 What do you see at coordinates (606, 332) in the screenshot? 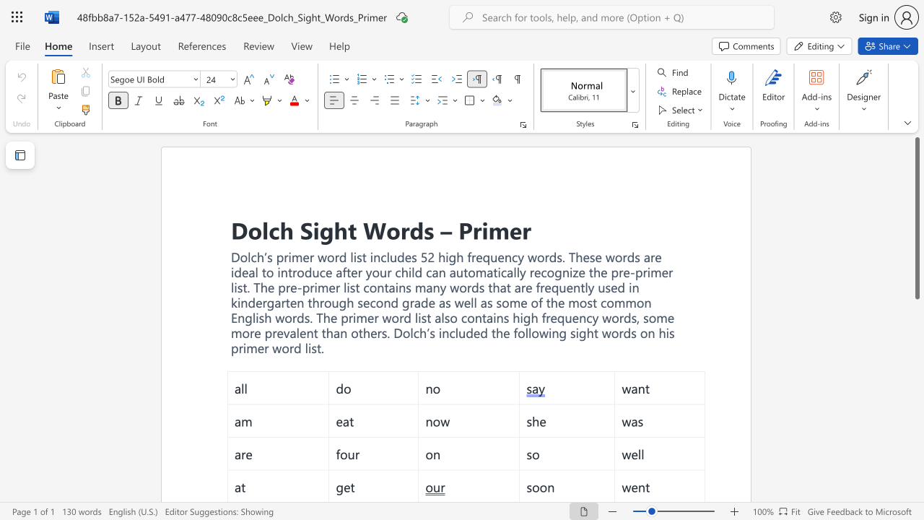
I see `the 2th character "w" in the text` at bounding box center [606, 332].